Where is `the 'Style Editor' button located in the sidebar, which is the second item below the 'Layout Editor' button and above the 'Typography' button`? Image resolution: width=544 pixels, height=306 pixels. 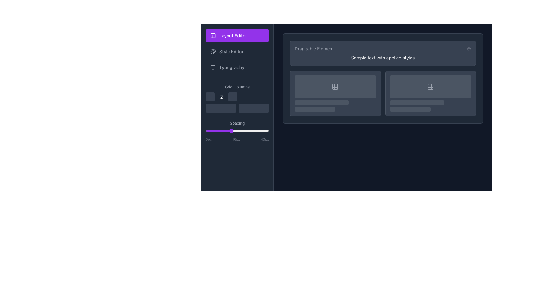 the 'Style Editor' button located in the sidebar, which is the second item below the 'Layout Editor' button and above the 'Typography' button is located at coordinates (237, 51).